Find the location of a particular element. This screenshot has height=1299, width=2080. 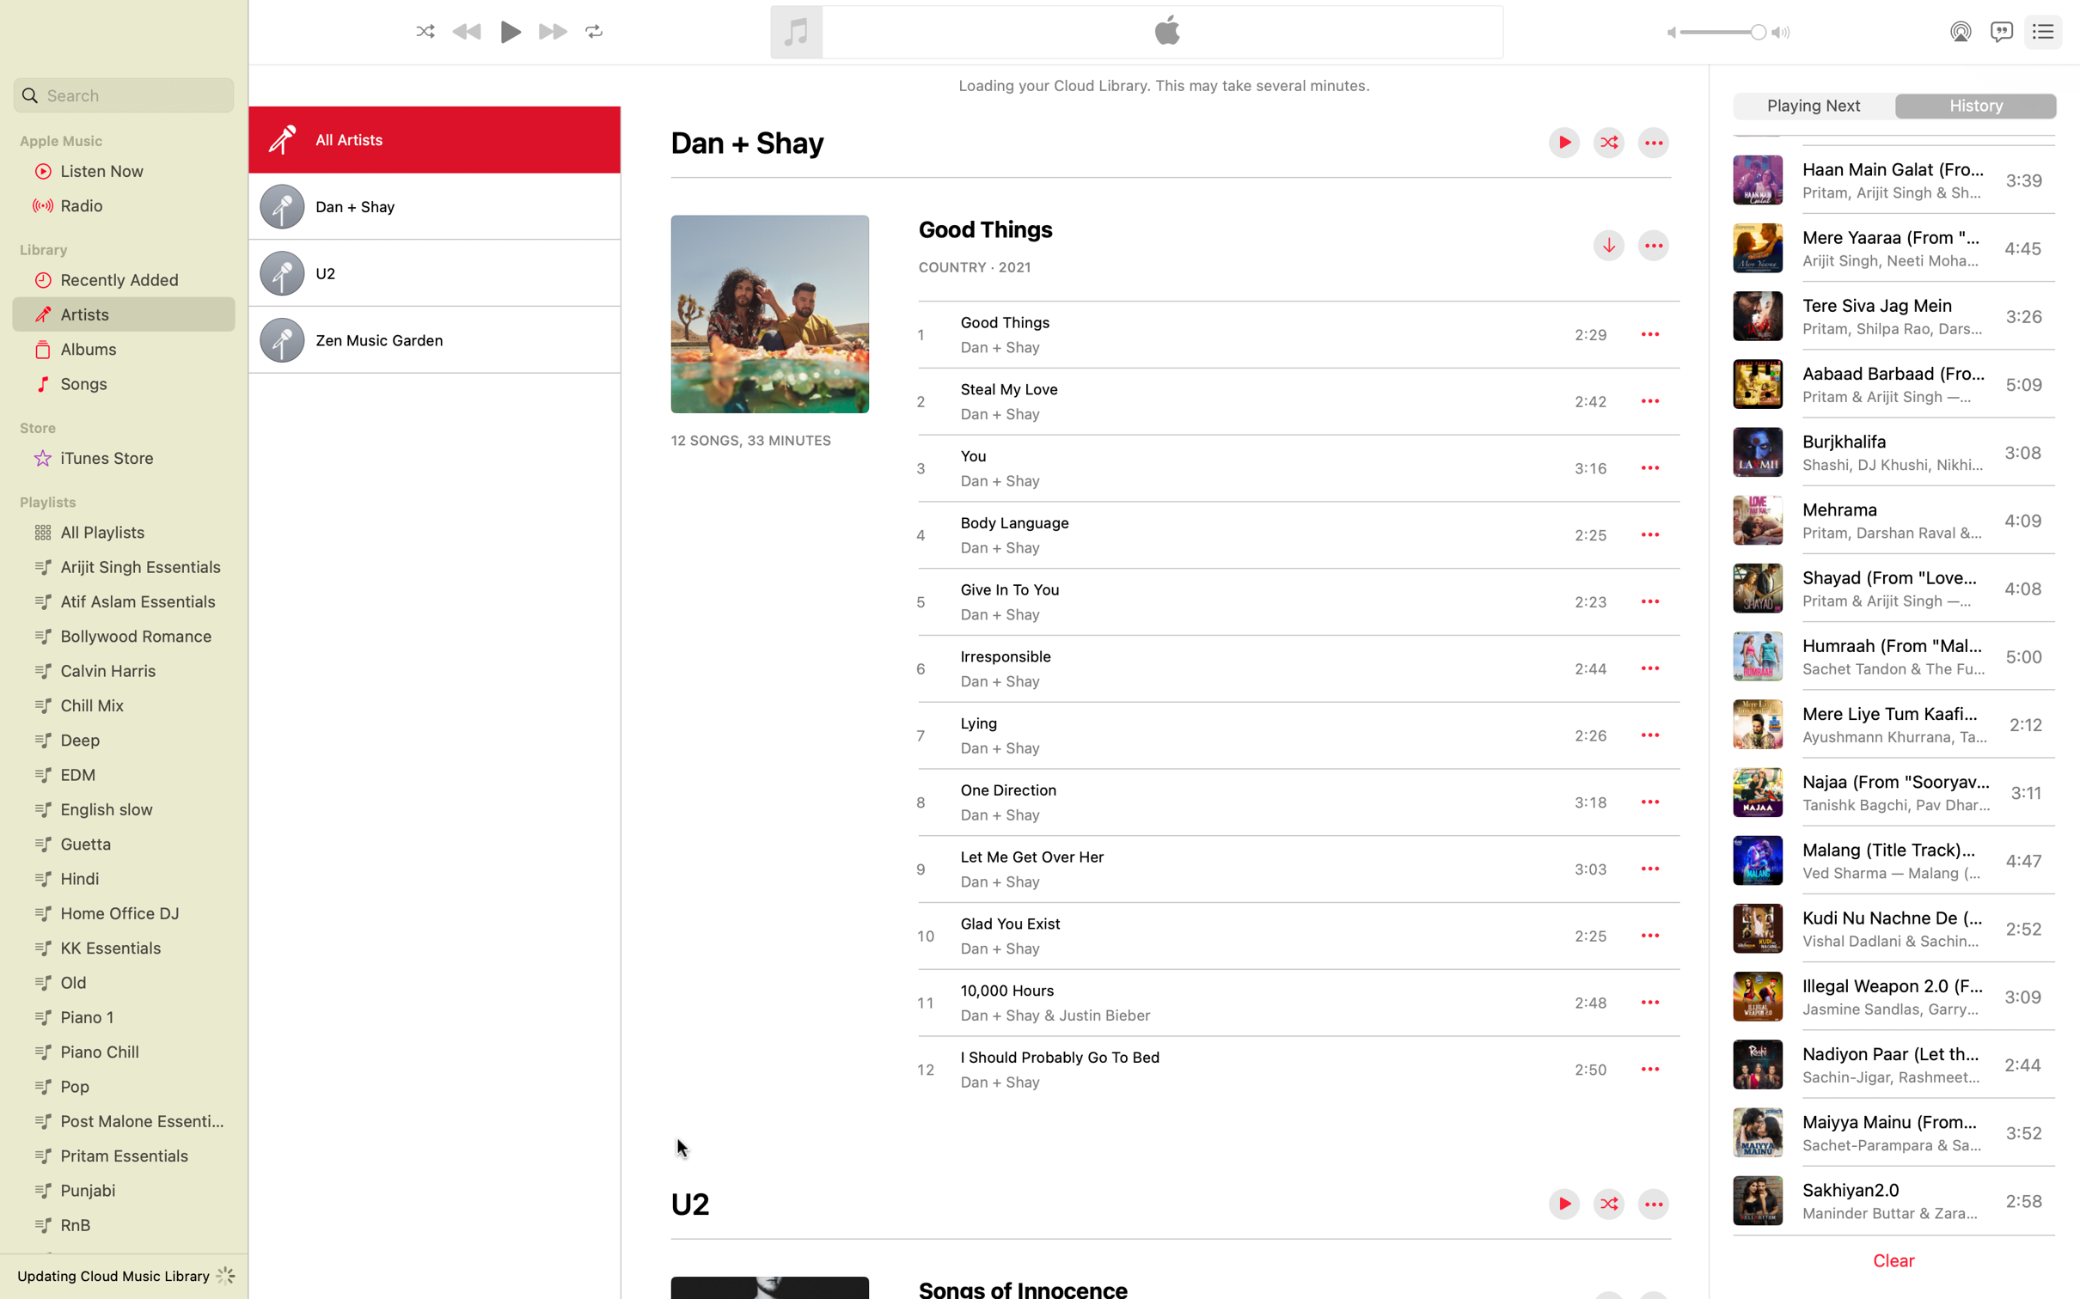

Start playing the track "Mere Liye Tum Kaafi is located at coordinates (1891, 723).